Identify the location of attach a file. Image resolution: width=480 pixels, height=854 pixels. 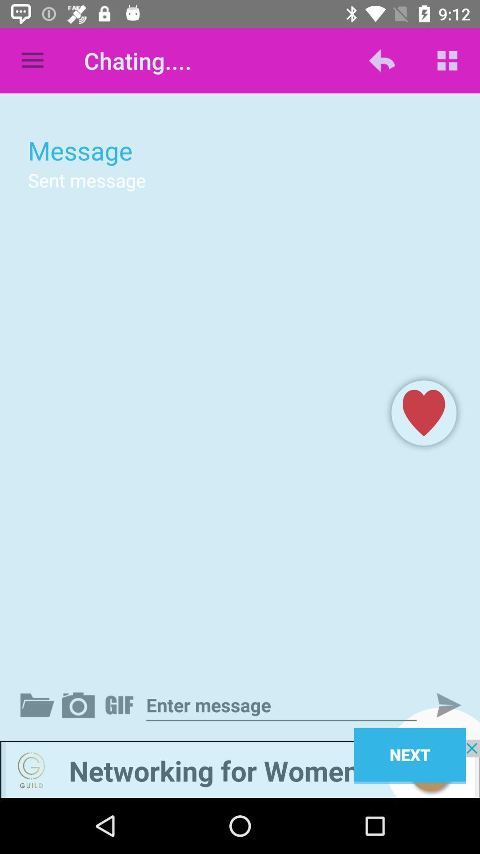
(39, 705).